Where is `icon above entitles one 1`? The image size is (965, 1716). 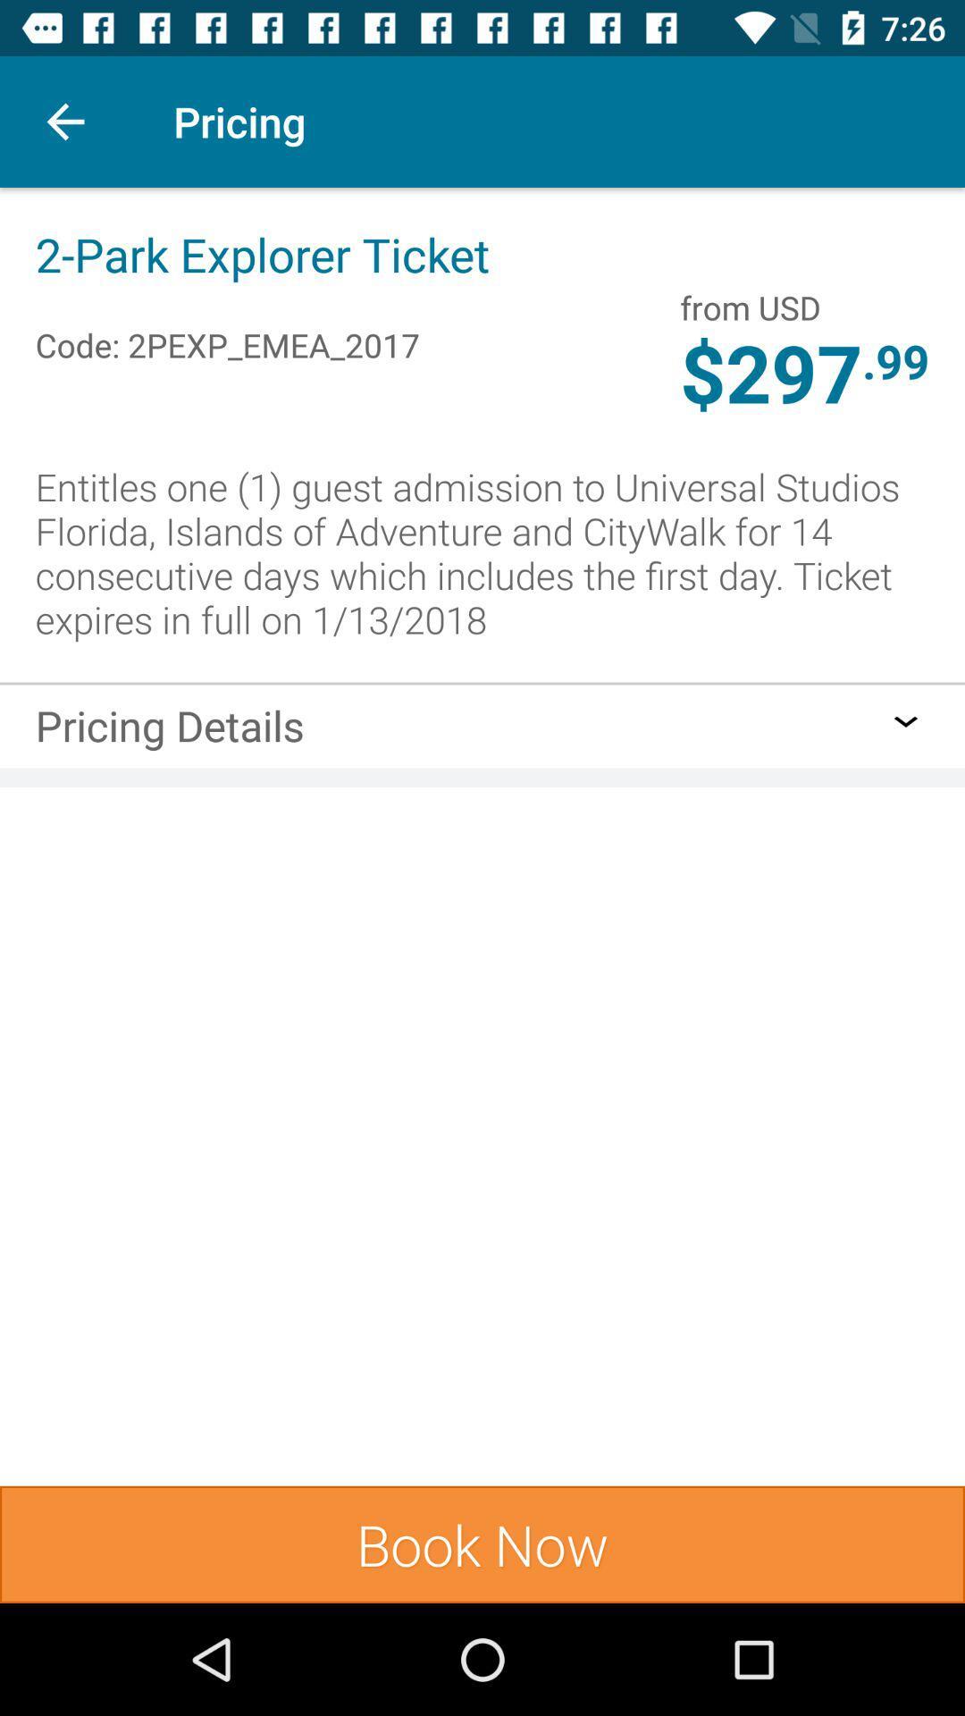 icon above entitles one 1 is located at coordinates (770, 375).